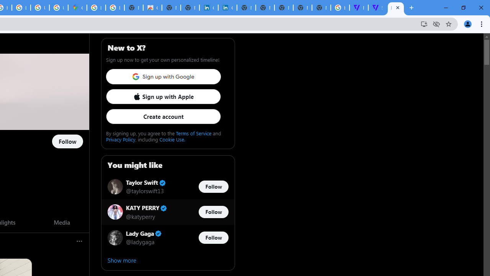 The height and width of the screenshot is (276, 490). Describe the element at coordinates (168, 237) in the screenshot. I see `'Lady Gaga Verified account @ladygaga Follow @ladygaga'` at that location.